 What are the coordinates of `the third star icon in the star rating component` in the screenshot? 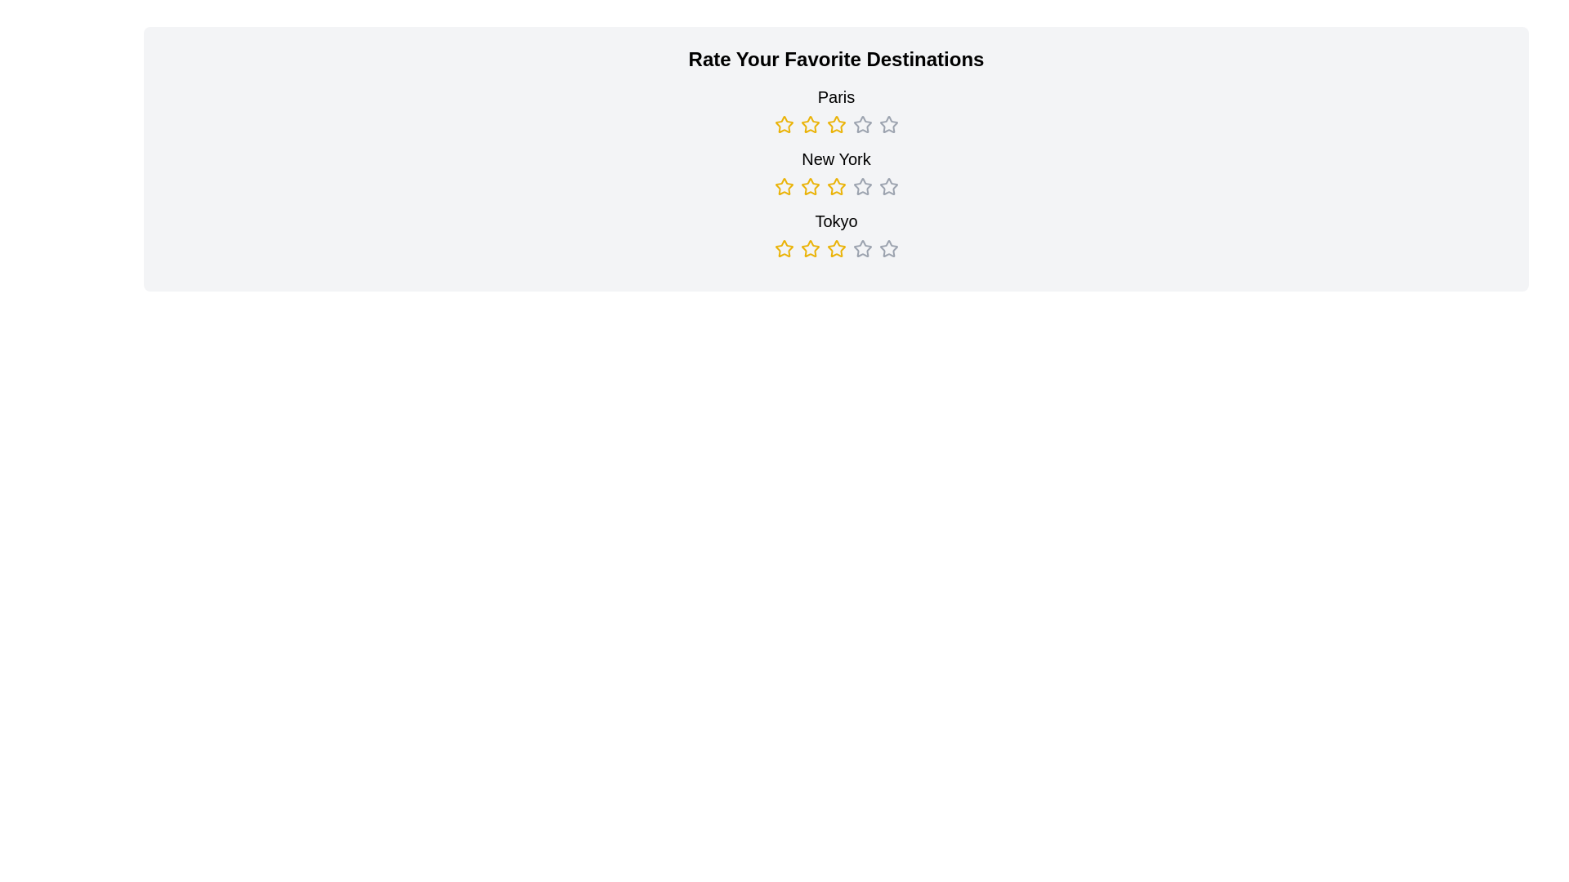 It's located at (861, 185).